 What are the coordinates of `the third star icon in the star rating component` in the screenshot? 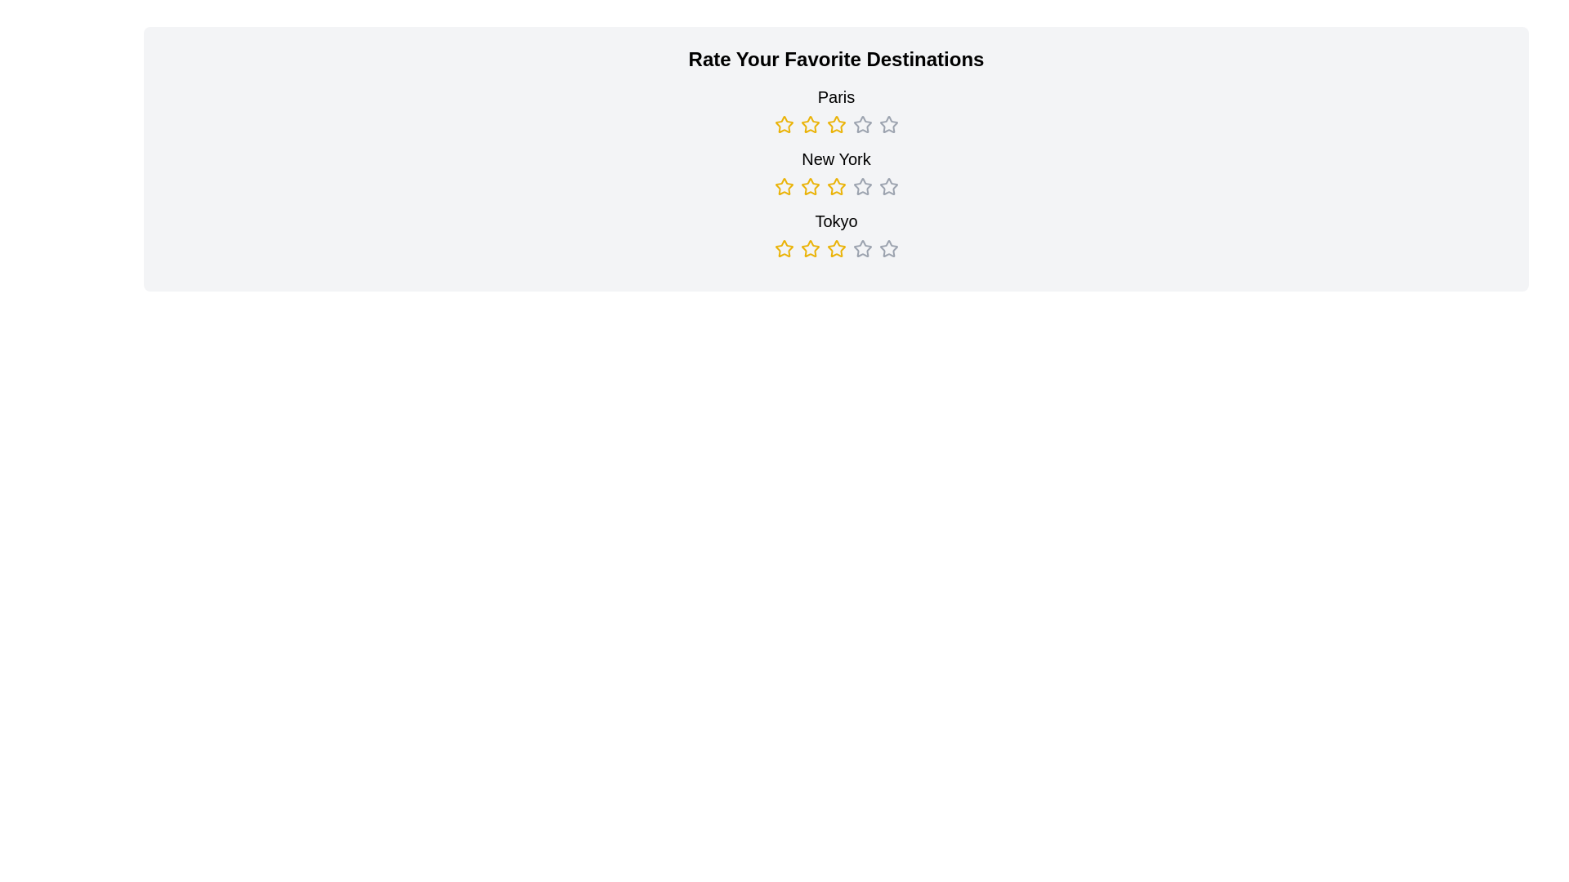 It's located at (861, 185).